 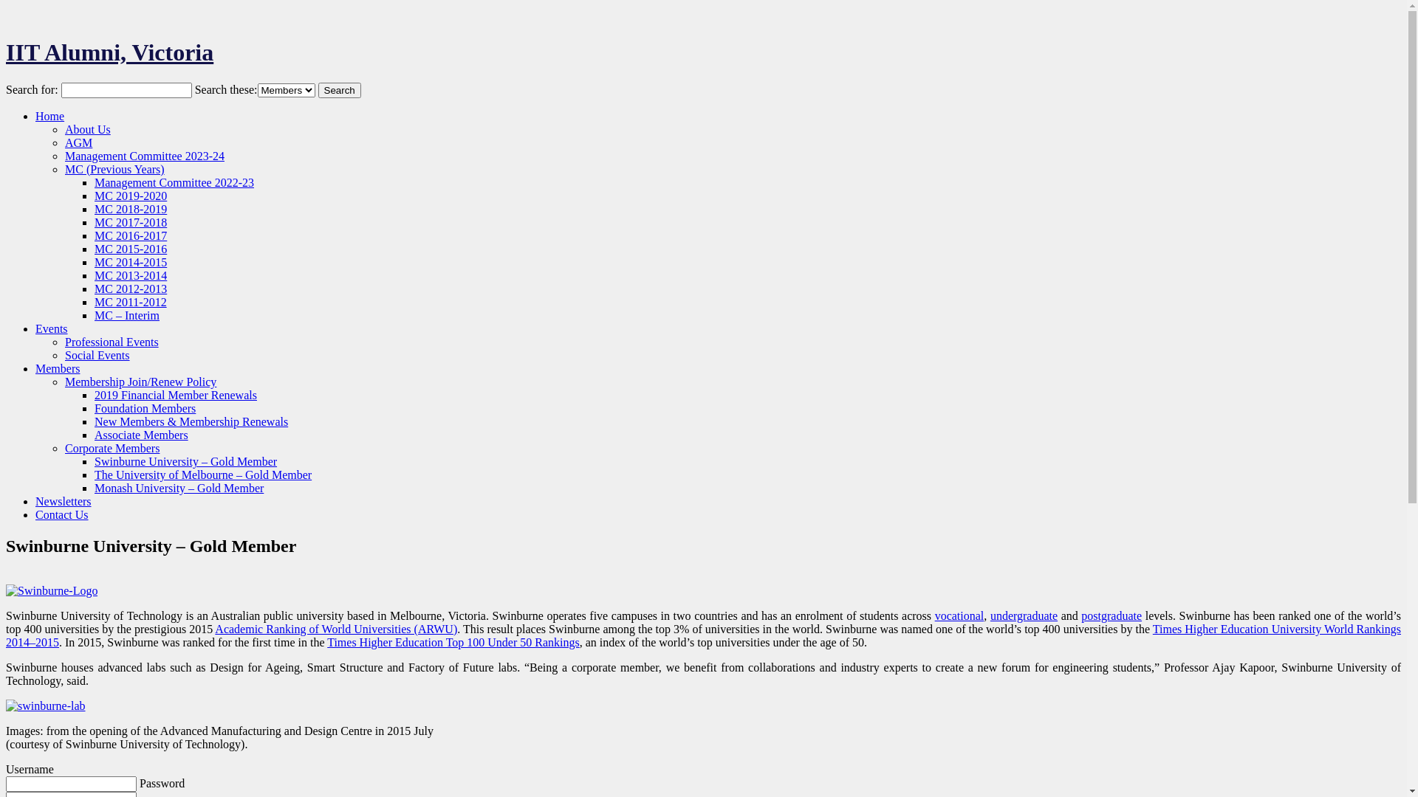 What do you see at coordinates (131, 301) in the screenshot?
I see `'MC 2011-2012'` at bounding box center [131, 301].